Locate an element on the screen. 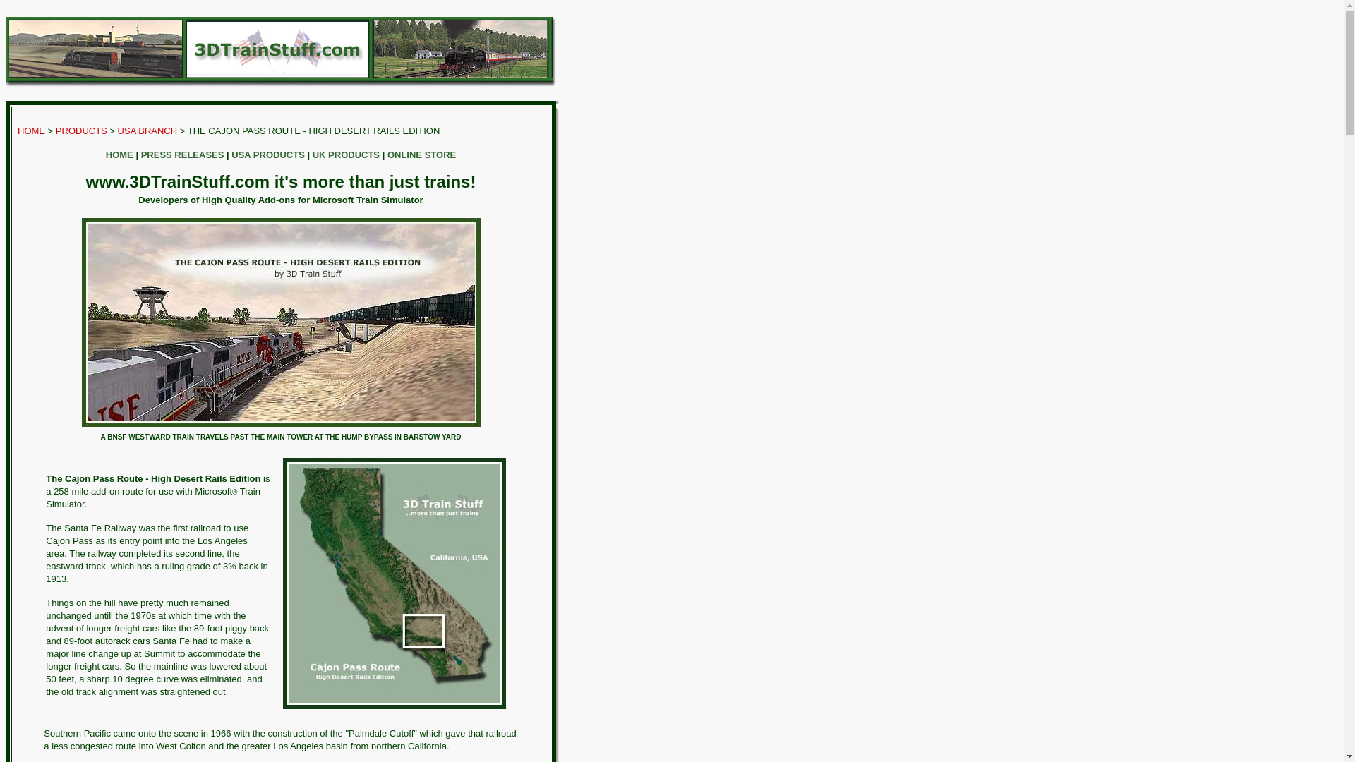  'UK PRODUCTS' is located at coordinates (346, 155).